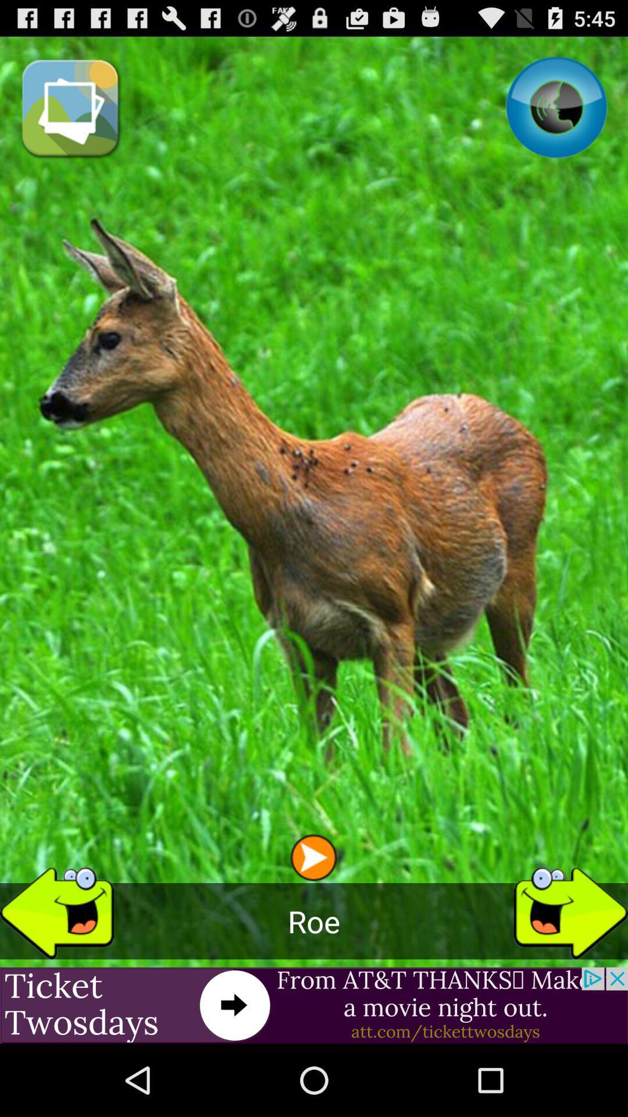 This screenshot has width=628, height=1117. I want to click on the play icon, so click(313, 917).